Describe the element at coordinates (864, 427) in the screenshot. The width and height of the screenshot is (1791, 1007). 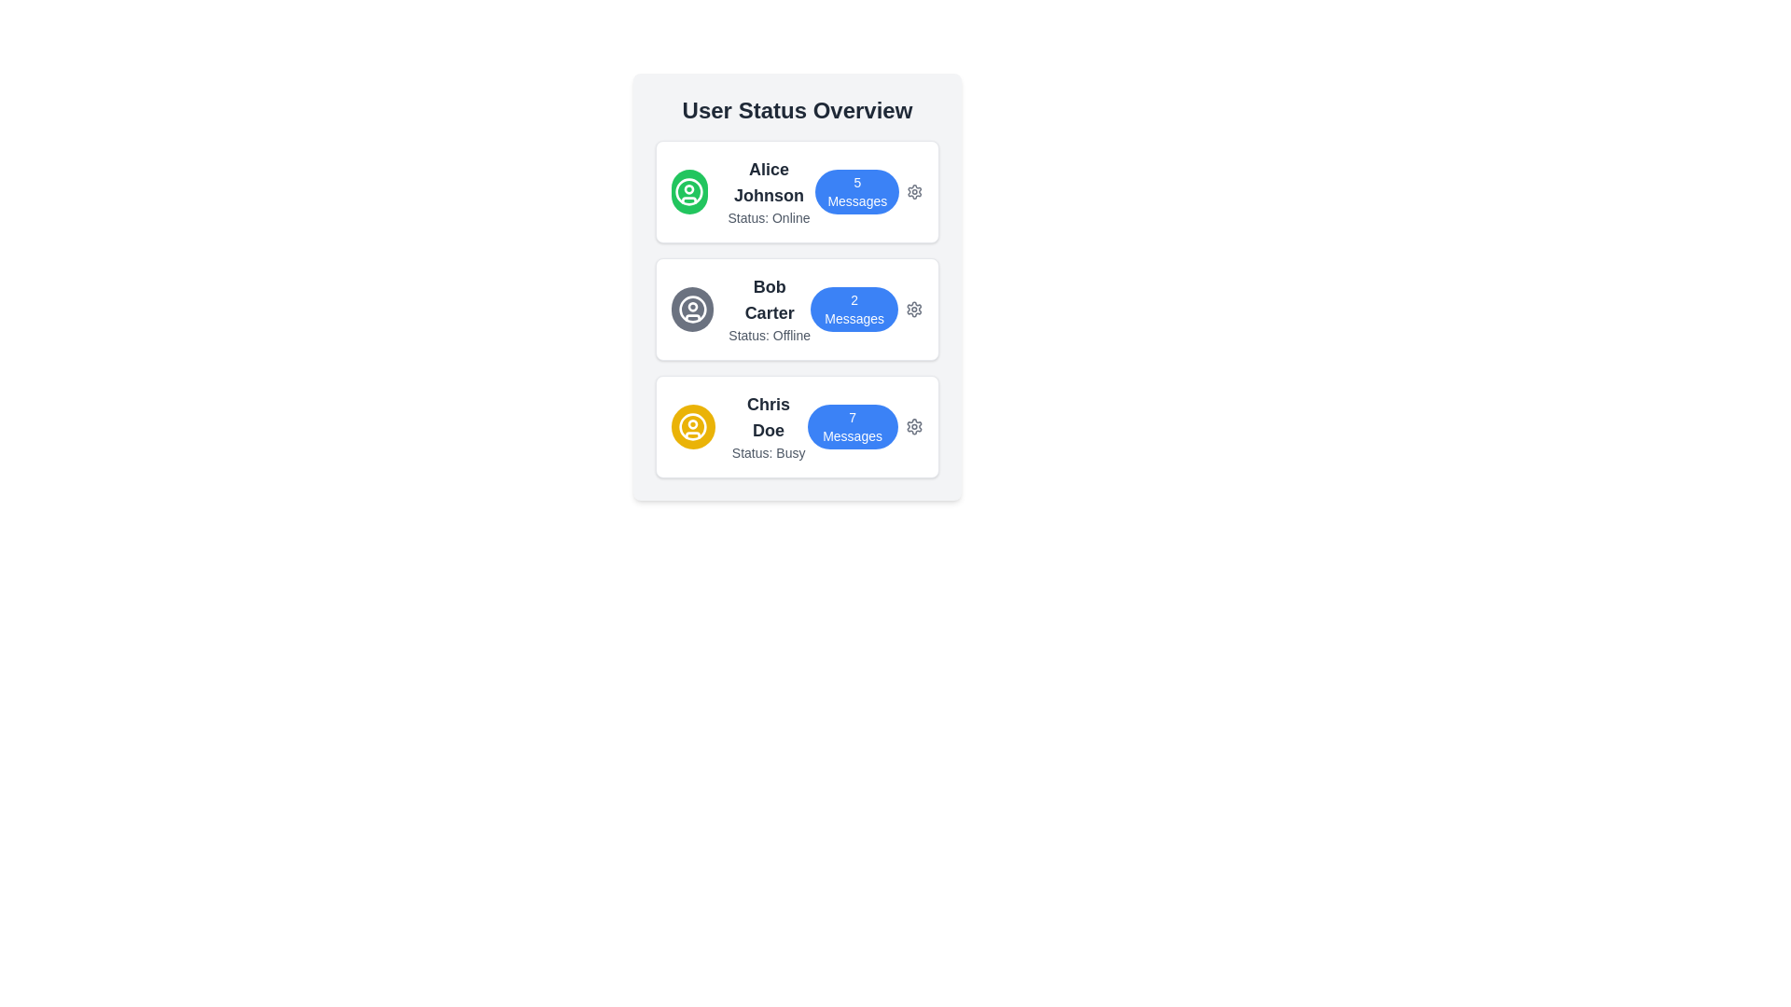
I see `the blue button with rounded corners labeled '7 Messages' that indicates messenger notifications for 'Chris Doe'` at that location.